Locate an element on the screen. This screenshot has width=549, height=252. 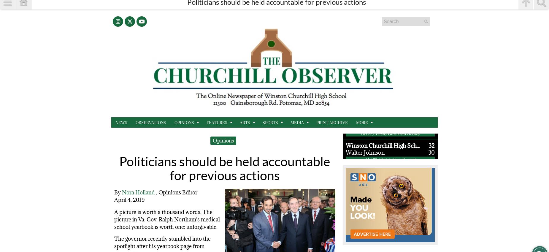
'April 4, 2019' is located at coordinates (114, 199).